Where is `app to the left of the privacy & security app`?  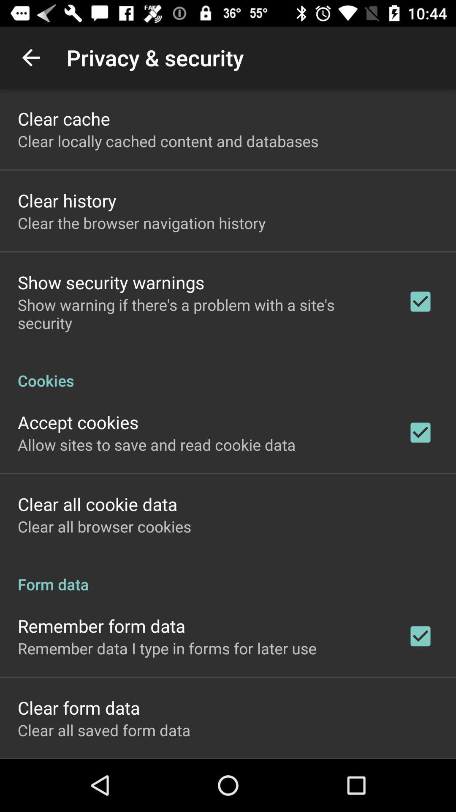 app to the left of the privacy & security app is located at coordinates (30, 57).